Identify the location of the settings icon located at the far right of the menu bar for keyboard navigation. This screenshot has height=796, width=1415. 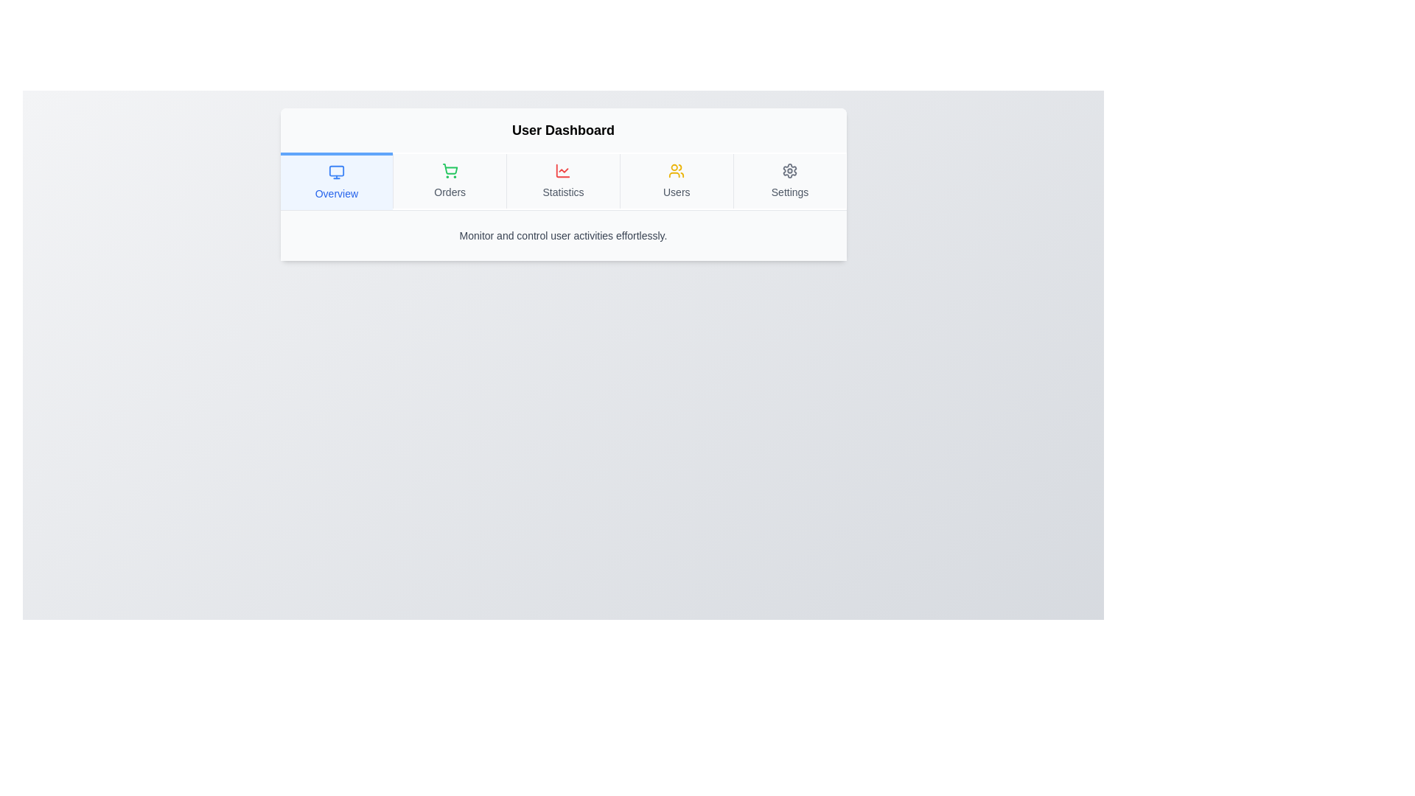
(789, 170).